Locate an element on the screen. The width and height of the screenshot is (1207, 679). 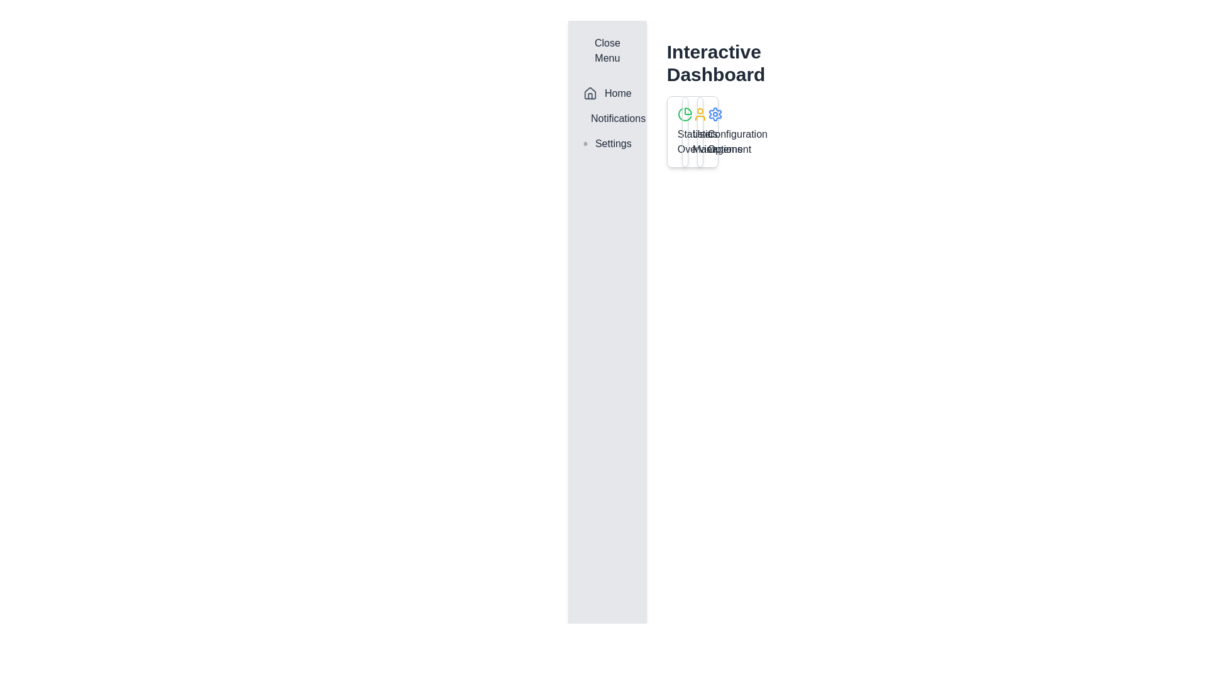
the navigational button with an associated icon located in the second position of the vertical menu stack is located at coordinates (607, 119).